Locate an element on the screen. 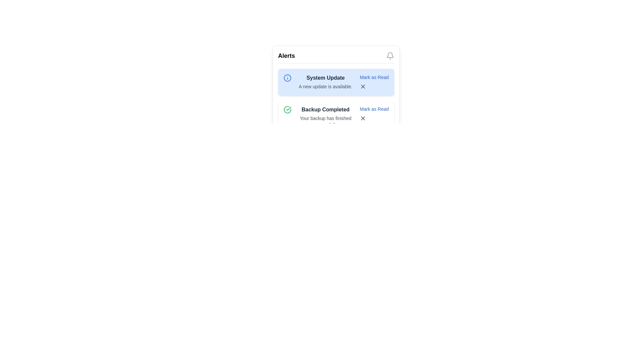 This screenshot has height=357, width=636. the text label indicating the status of the backup operation as completed, which is located in the center of the second notification card in the Alerts panel is located at coordinates (325, 109).